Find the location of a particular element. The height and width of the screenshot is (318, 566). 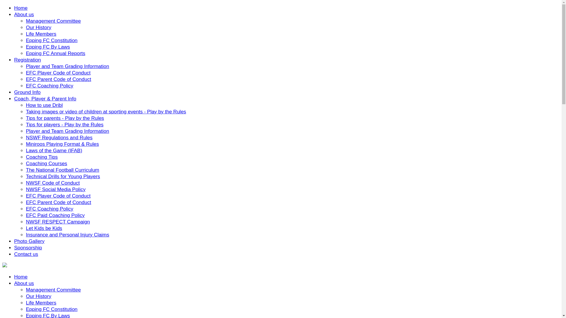

'Photo Gallery' is located at coordinates (29, 241).